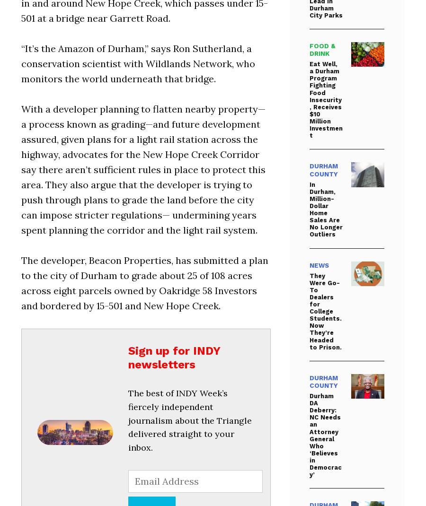 The image size is (426, 506). Describe the element at coordinates (21, 168) in the screenshot. I see `'With a developer planning to flatten nearby property—a process known as grading—and future development assured, given plans for a light rail station across the highway, advocates for the New Hope Creek Corridor say there aren’t sufficient rules in place to protect this area. They also argue that the developer is trying to push through plans to grade the land before the city can impose stricter regulations— undermining years spent planning the corridor and the light rail system.'` at that location.